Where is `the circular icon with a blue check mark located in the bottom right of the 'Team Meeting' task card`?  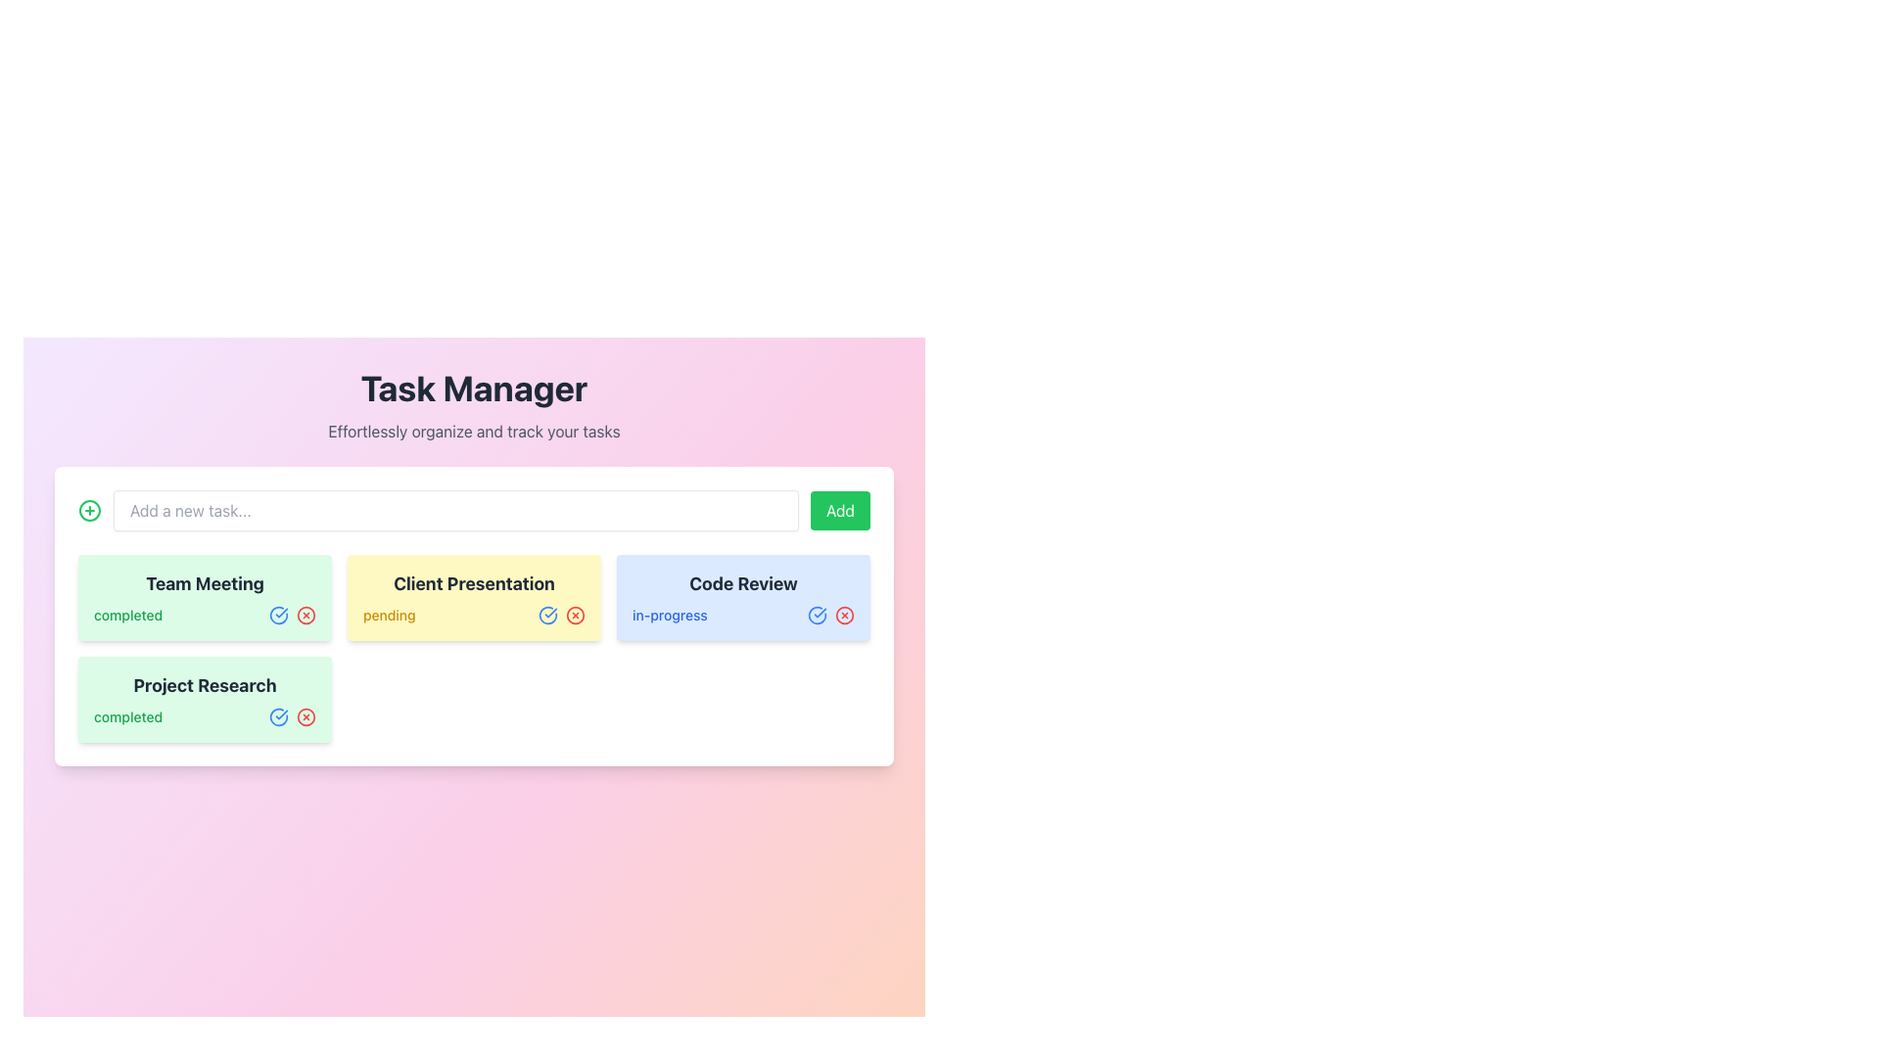 the circular icon with a blue check mark located in the bottom right of the 'Team Meeting' task card is located at coordinates (277, 614).